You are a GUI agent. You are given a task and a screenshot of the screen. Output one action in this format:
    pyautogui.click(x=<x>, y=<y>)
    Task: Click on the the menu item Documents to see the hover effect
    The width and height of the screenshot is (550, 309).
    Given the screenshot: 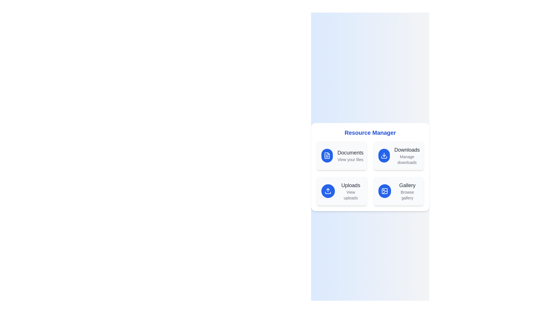 What is the action you would take?
    pyautogui.click(x=342, y=155)
    